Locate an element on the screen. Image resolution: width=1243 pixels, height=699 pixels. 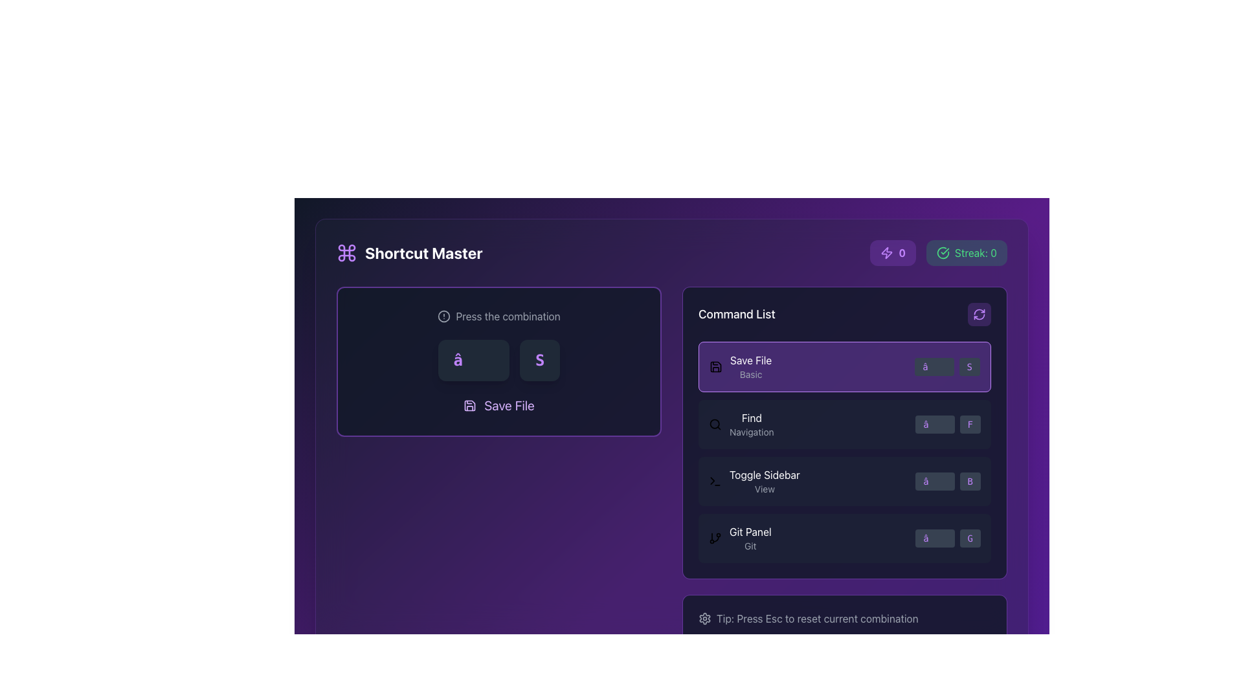
the 'S' key indicator, which visually represents the keyboard shortcut for the command labeled 'Save File', located in the upper-right corner of the interface is located at coordinates (969, 367).